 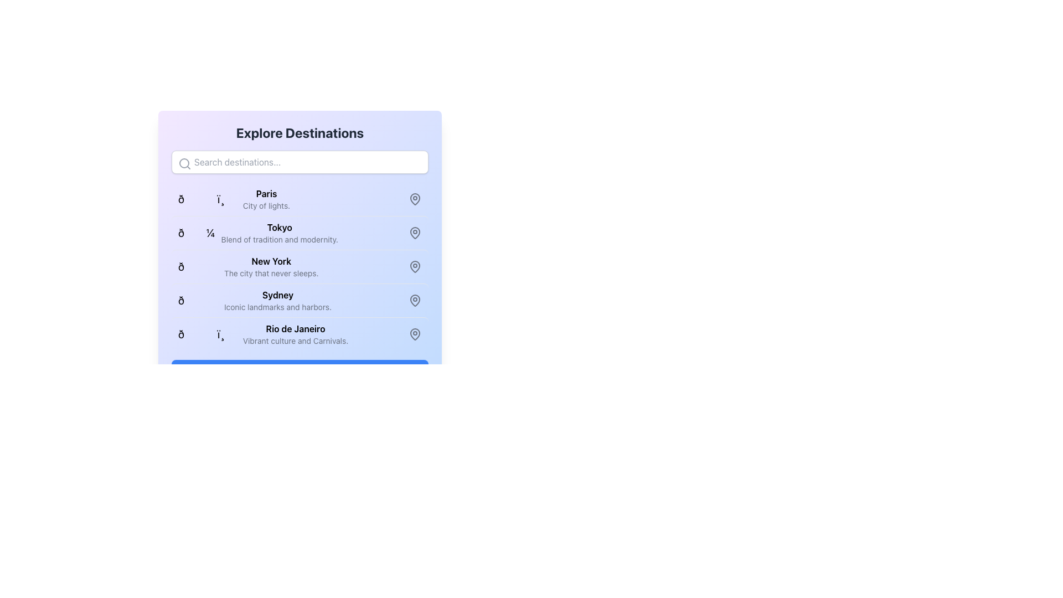 What do you see at coordinates (184, 163) in the screenshot?
I see `the inner circle of the search icon, which is part of the SVG icon located at the leftmost side of the search bar beneath the 'Explore Destinations' header` at bounding box center [184, 163].